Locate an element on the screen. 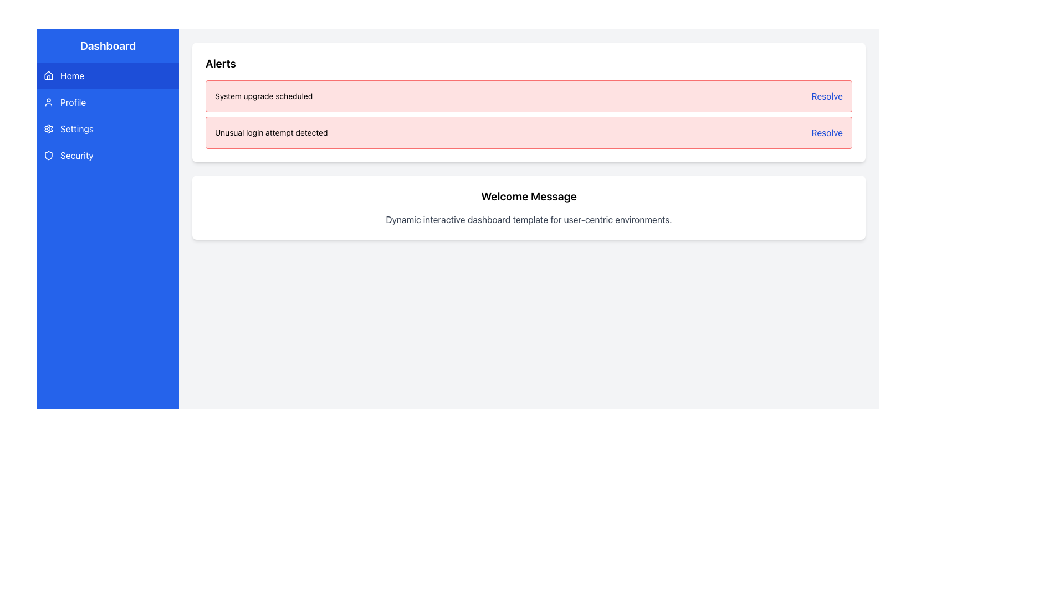 The height and width of the screenshot is (598, 1064). text 'Welcome Message' displayed in bold and large font within the centrally located white, rounded rectangle section is located at coordinates (528, 195).